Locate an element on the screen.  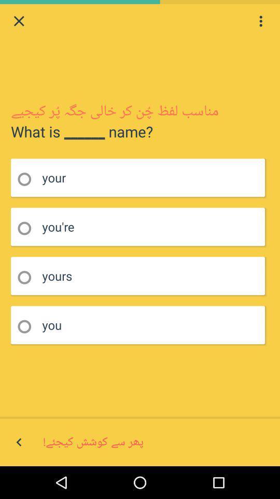
opens an options menu is located at coordinates (260, 20).